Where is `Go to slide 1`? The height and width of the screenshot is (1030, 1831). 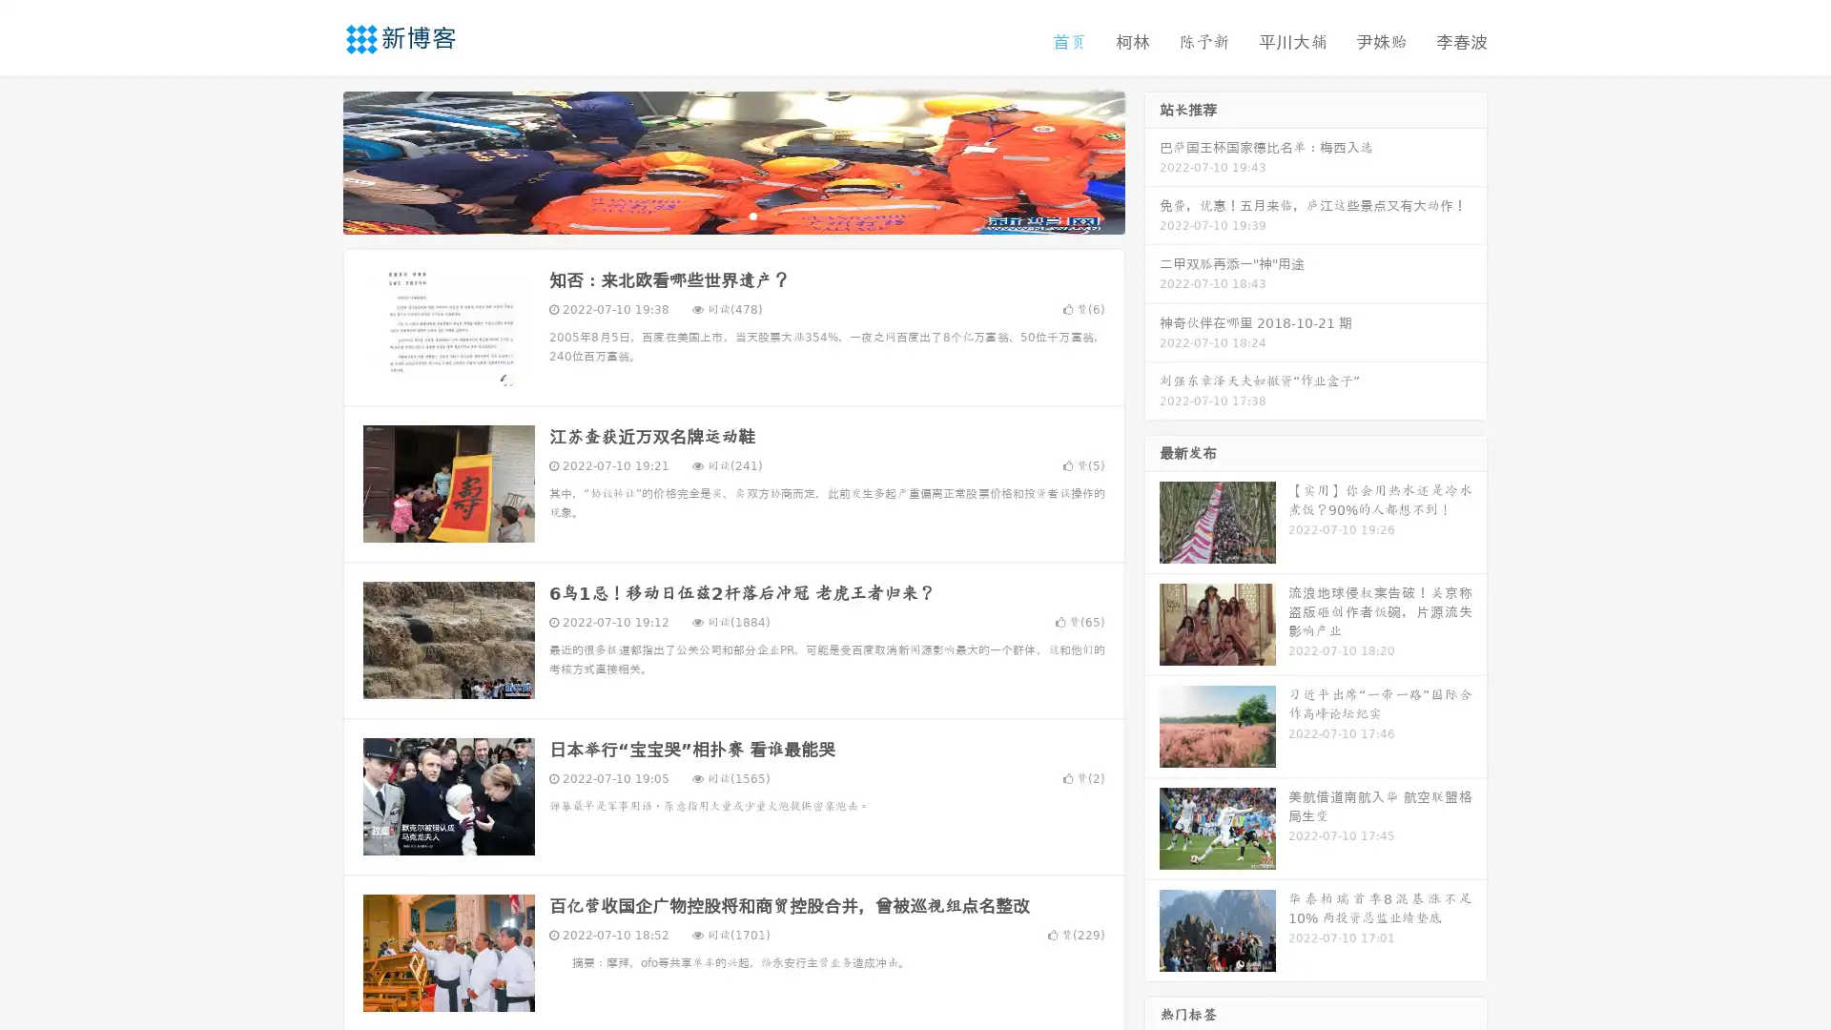
Go to slide 1 is located at coordinates (713, 215).